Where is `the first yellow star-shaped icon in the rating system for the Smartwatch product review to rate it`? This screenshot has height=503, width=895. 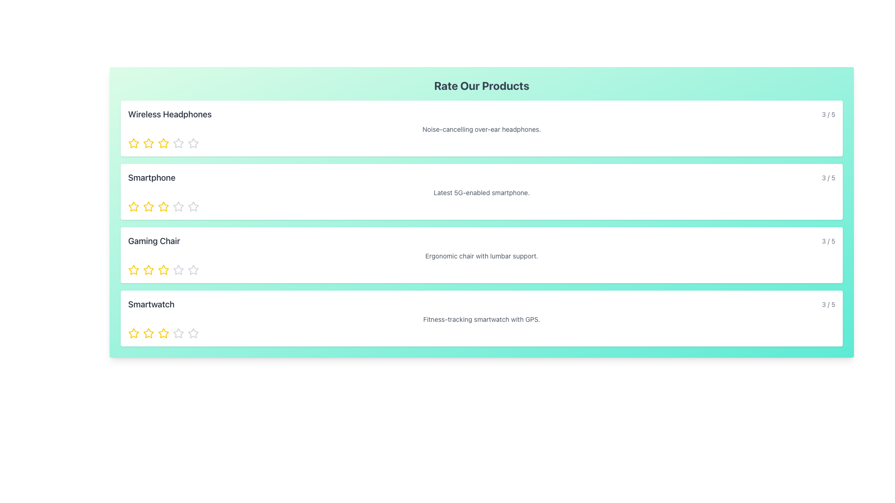 the first yellow star-shaped icon in the rating system for the Smartwatch product review to rate it is located at coordinates (133, 333).